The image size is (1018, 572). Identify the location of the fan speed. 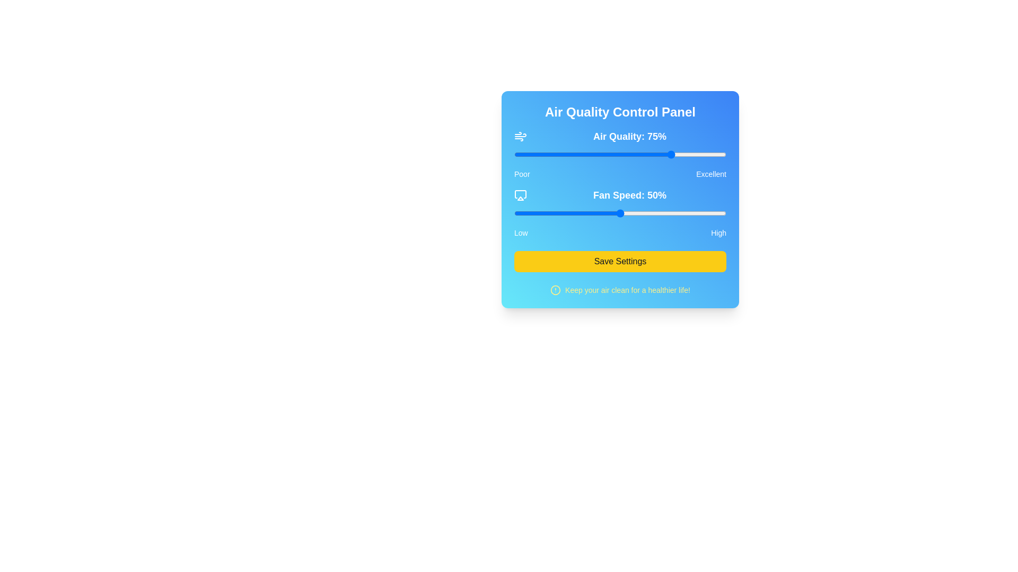
(664, 213).